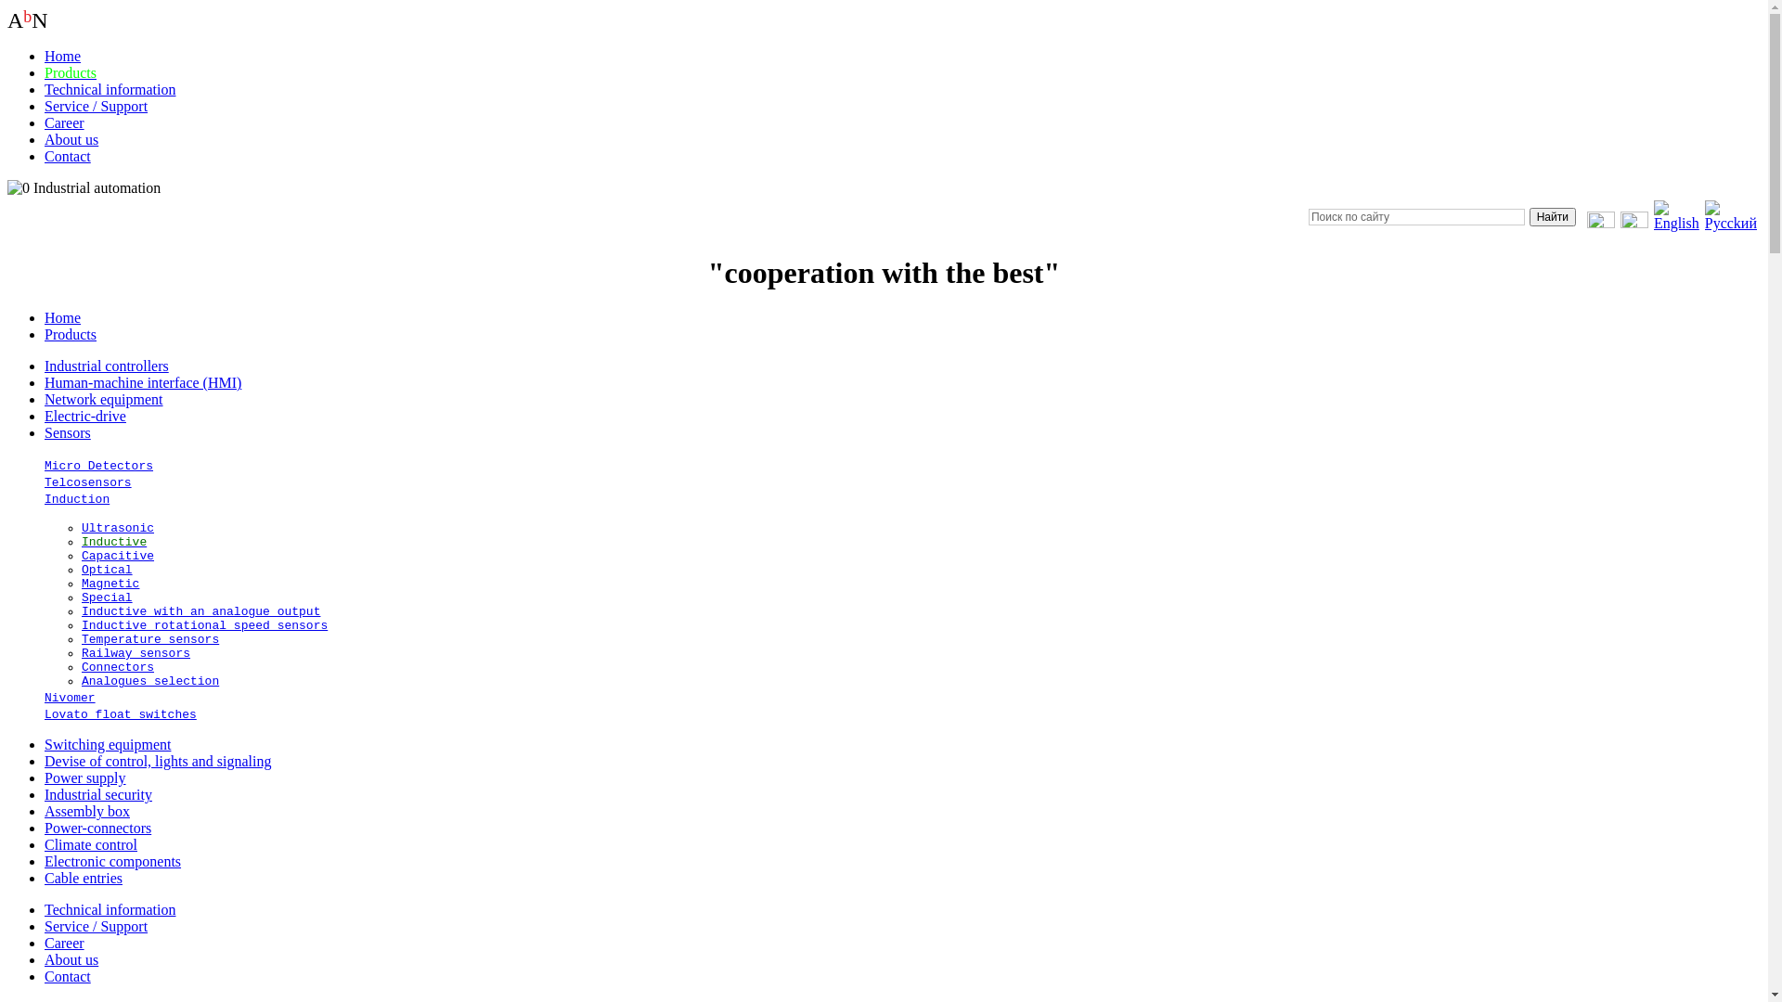 The width and height of the screenshot is (1782, 1002). I want to click on 'Devise of control, lights and signaling', so click(45, 761).